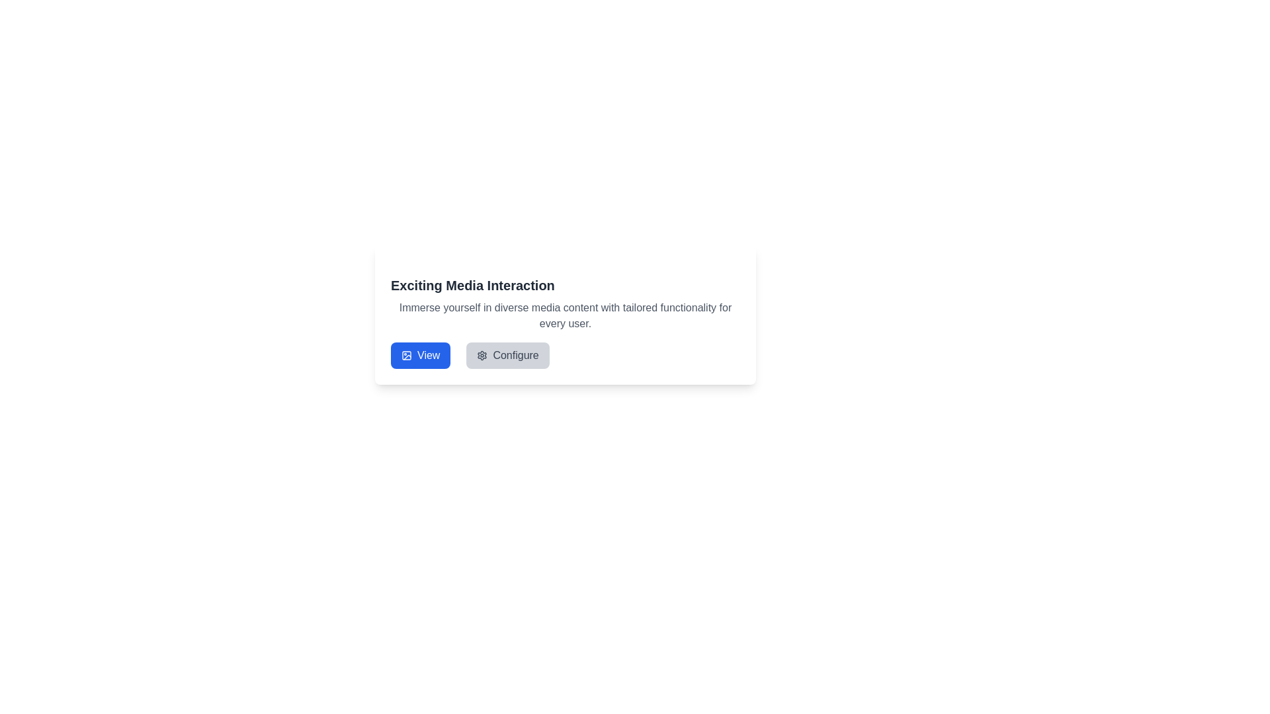  Describe the element at coordinates (482, 354) in the screenshot. I see `the settings icon located at the bottom right corner of the card-like component` at that location.